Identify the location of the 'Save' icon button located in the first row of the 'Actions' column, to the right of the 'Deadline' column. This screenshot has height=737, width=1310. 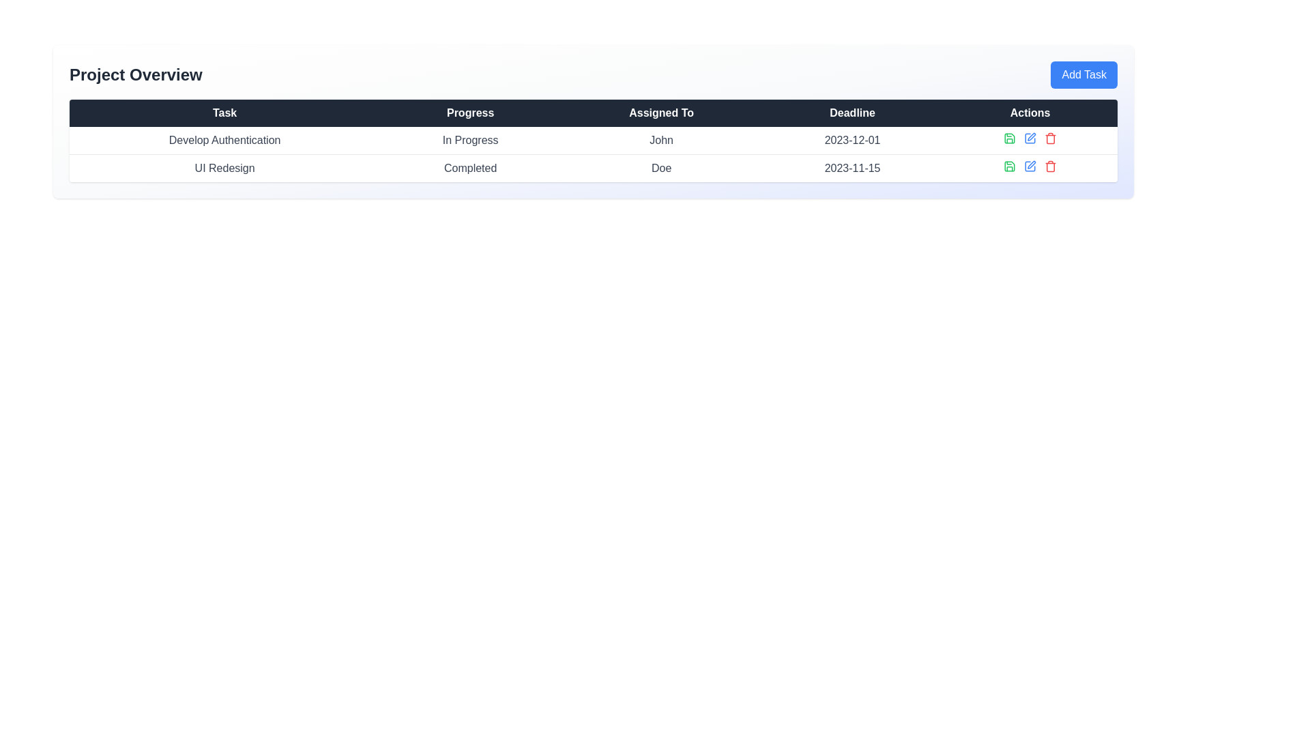
(1009, 165).